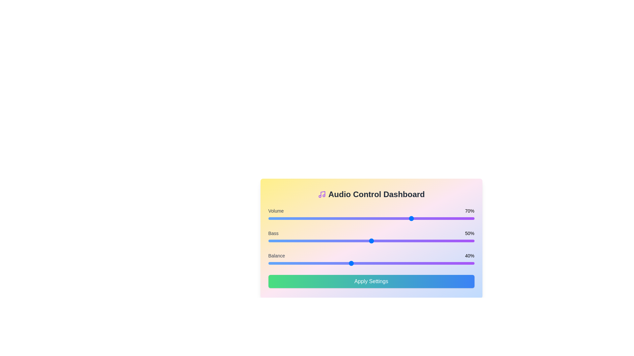 The height and width of the screenshot is (356, 634). I want to click on the volume slider, so click(293, 219).